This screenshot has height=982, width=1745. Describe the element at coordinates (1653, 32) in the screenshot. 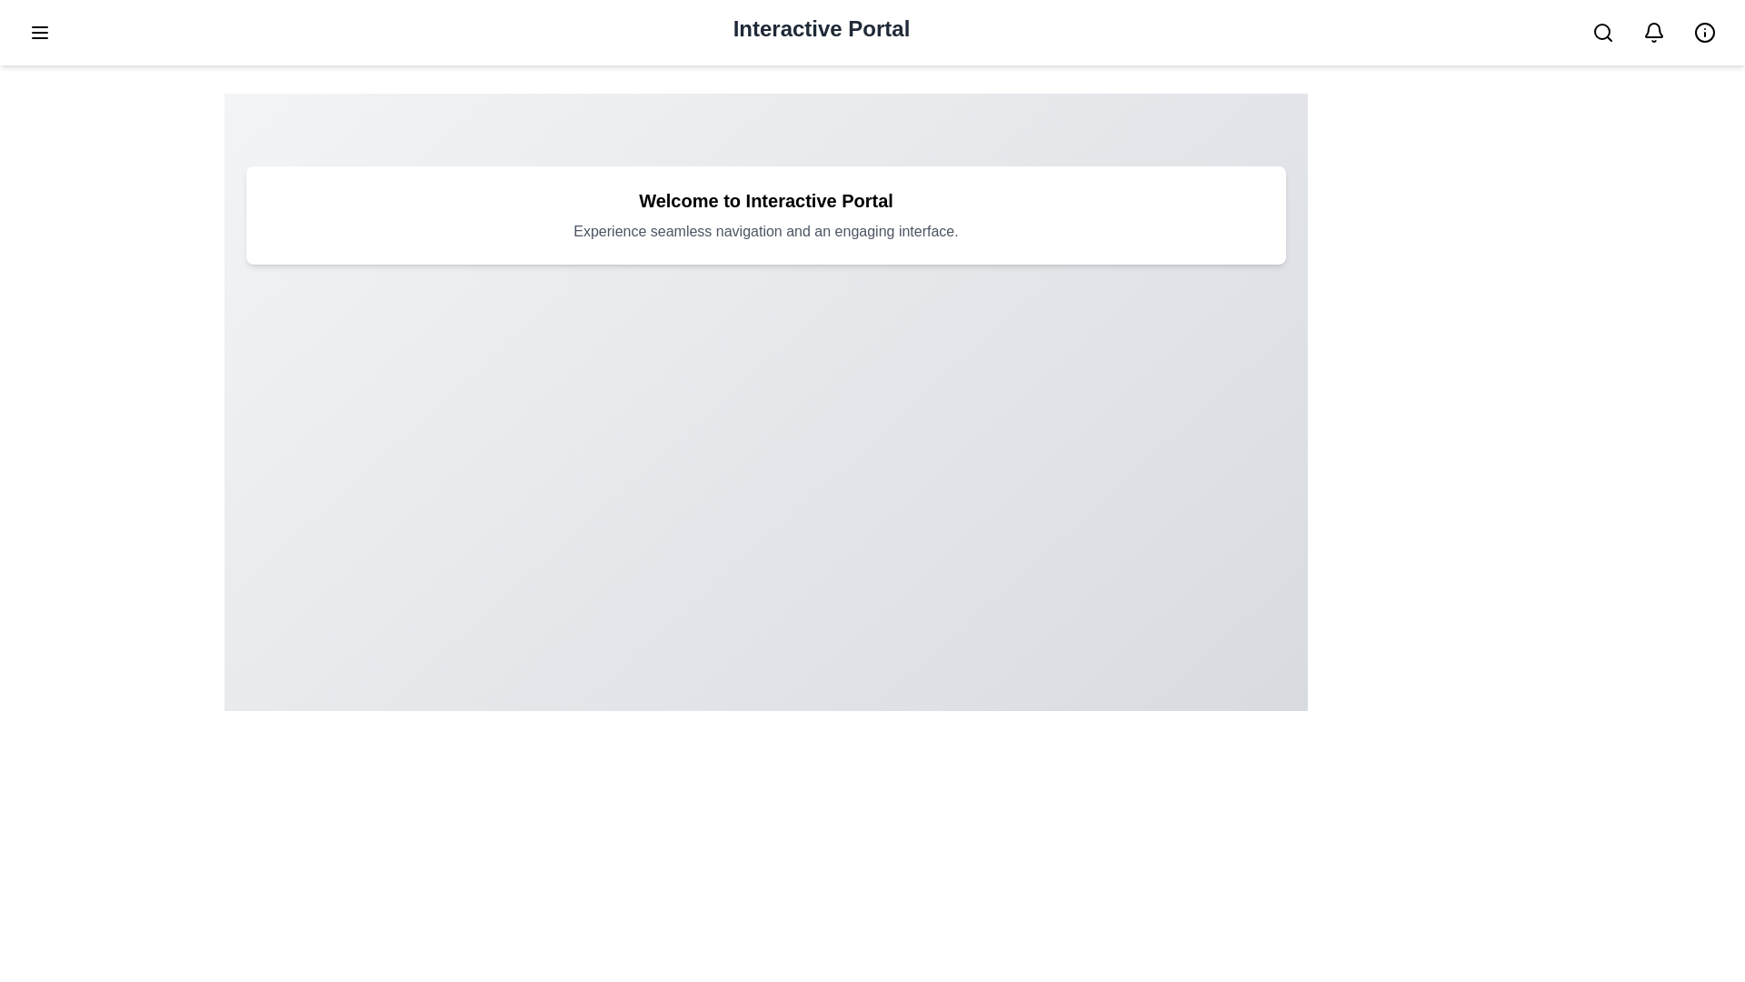

I see `the Bell button in the navigation bar` at that location.